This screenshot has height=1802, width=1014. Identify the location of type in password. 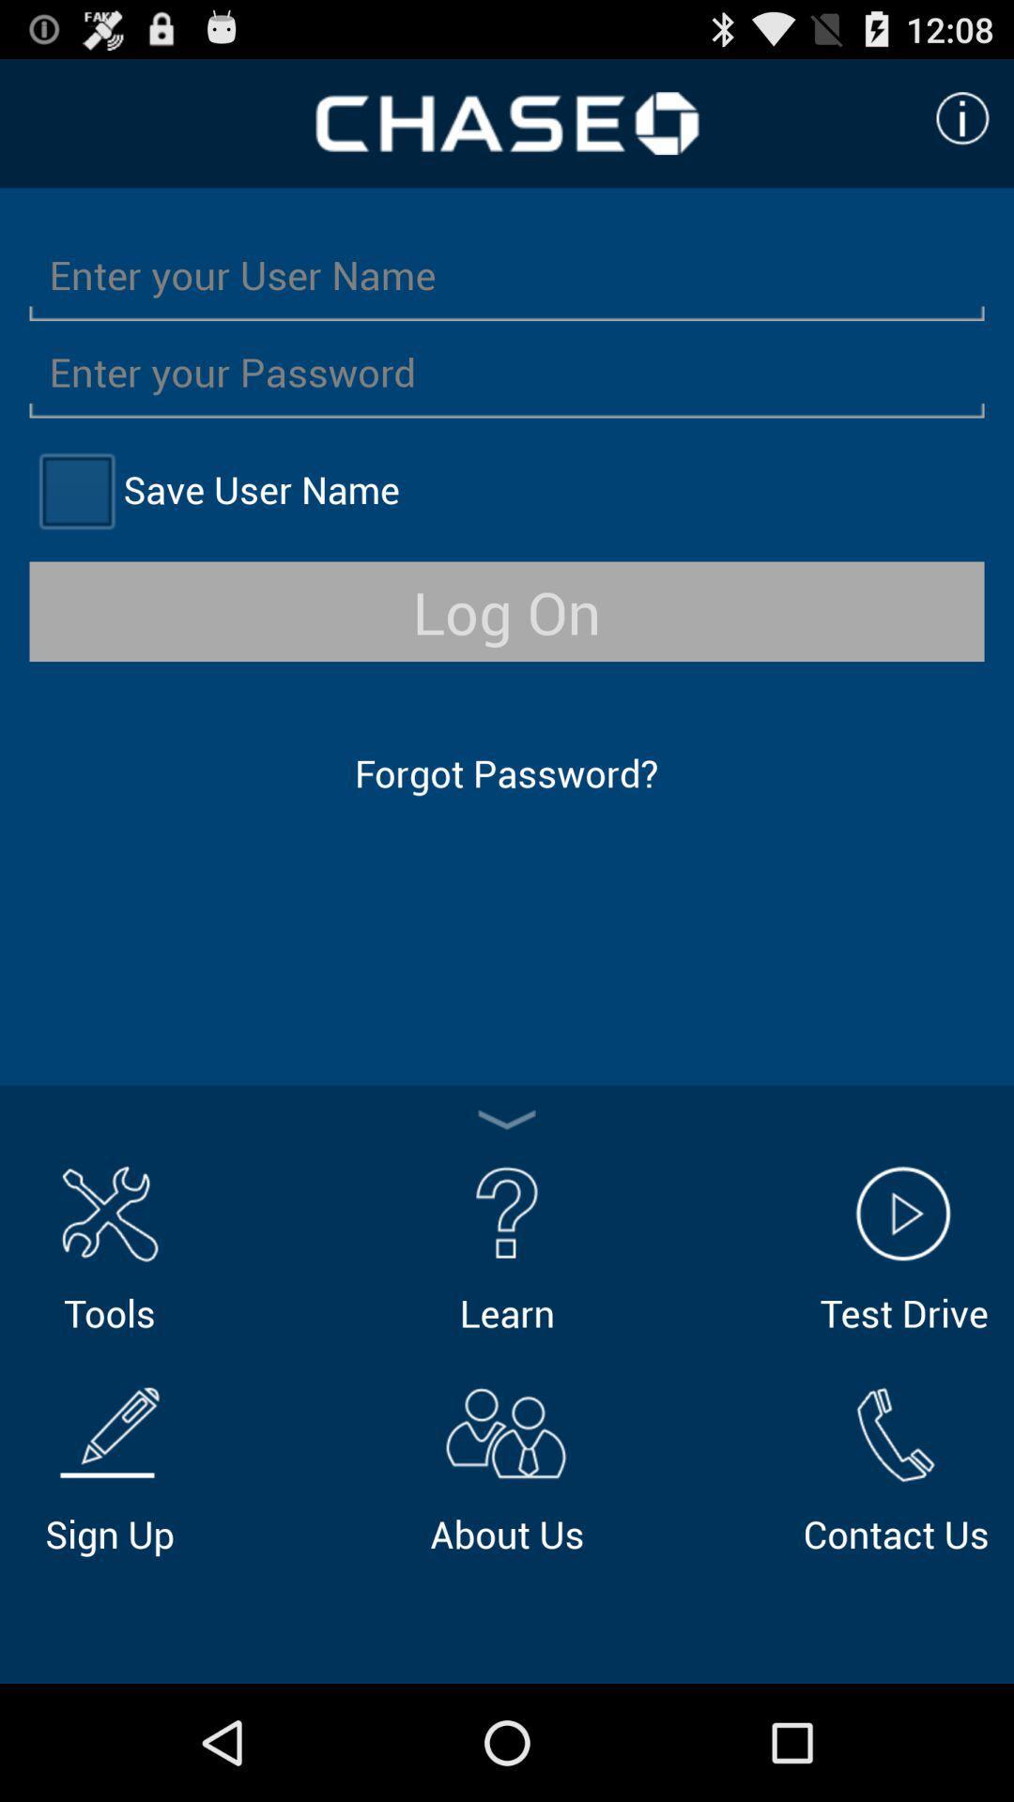
(507, 371).